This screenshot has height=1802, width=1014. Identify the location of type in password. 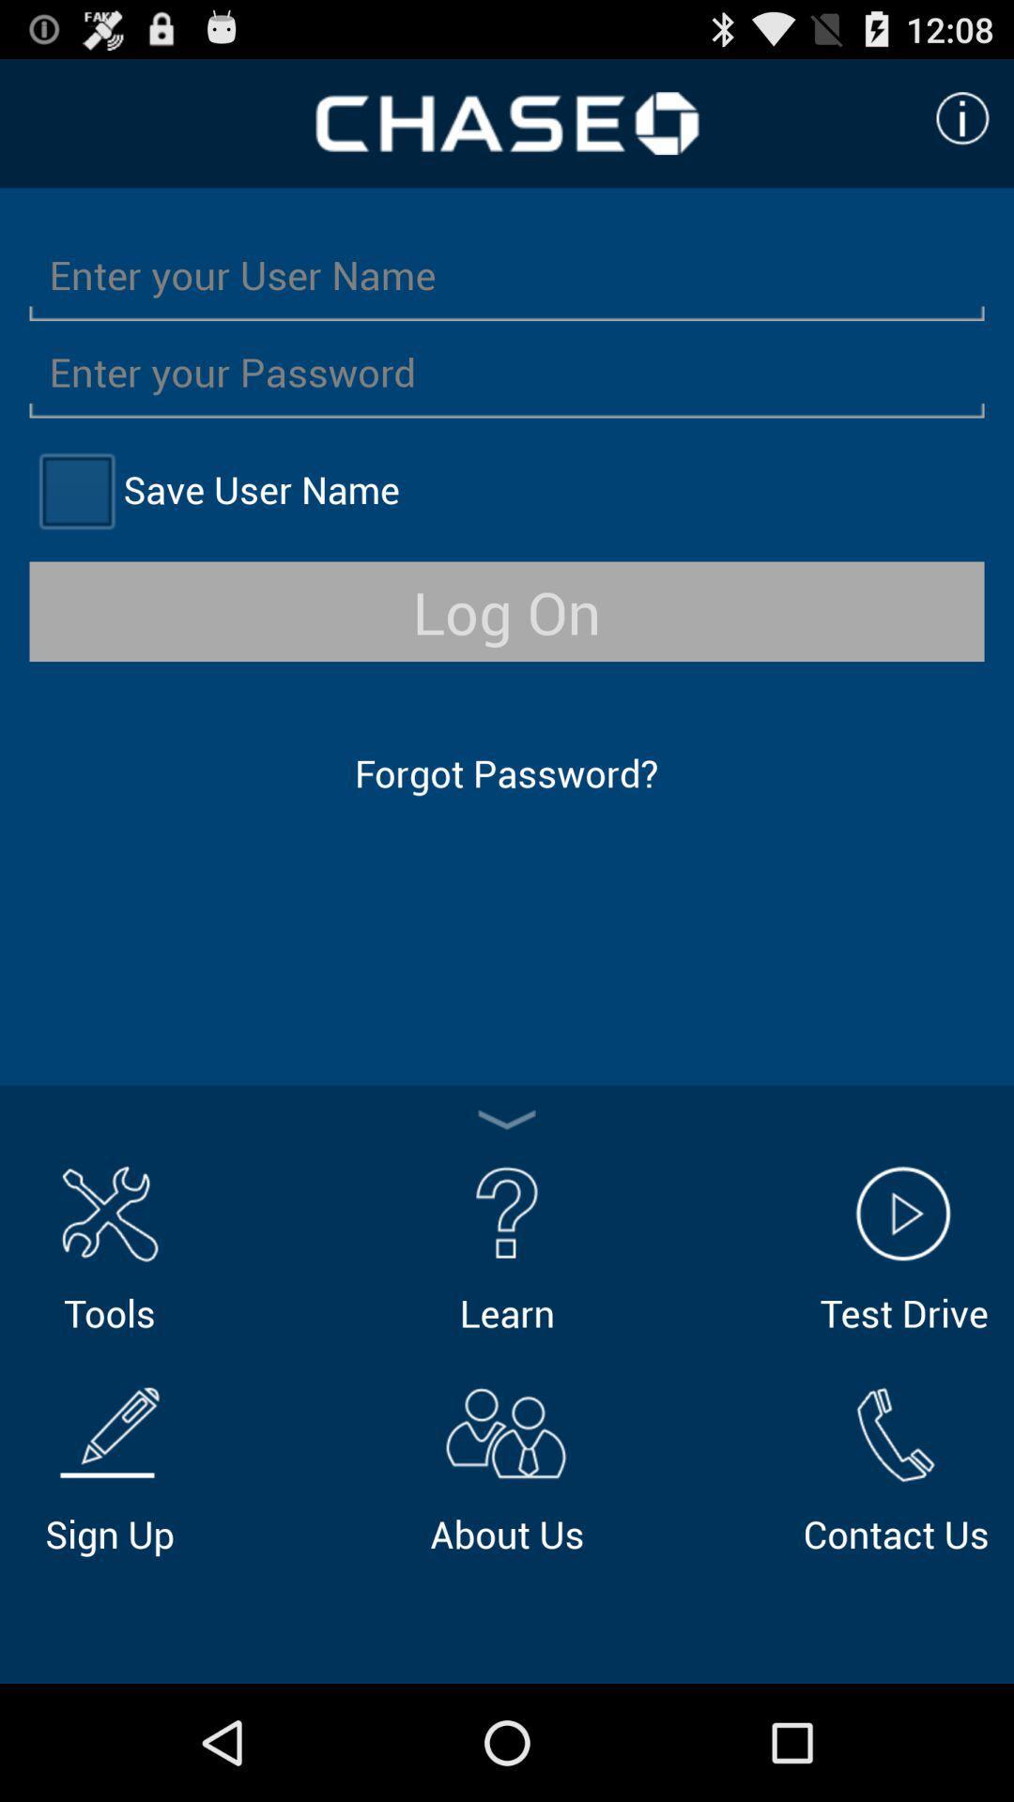
(507, 371).